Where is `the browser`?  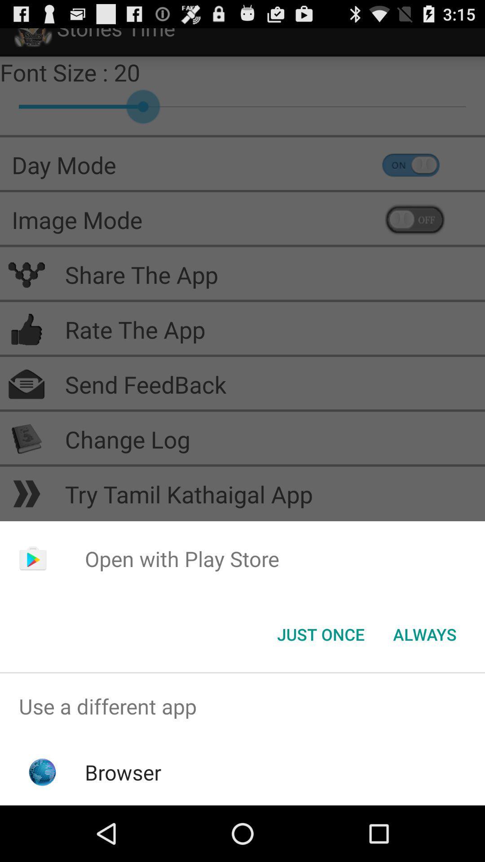 the browser is located at coordinates (123, 772).